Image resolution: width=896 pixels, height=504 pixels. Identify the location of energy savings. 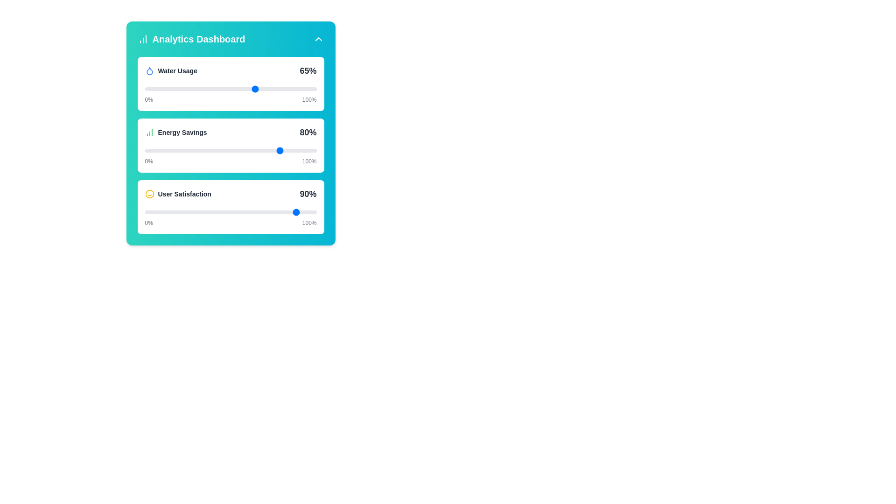
(256, 150).